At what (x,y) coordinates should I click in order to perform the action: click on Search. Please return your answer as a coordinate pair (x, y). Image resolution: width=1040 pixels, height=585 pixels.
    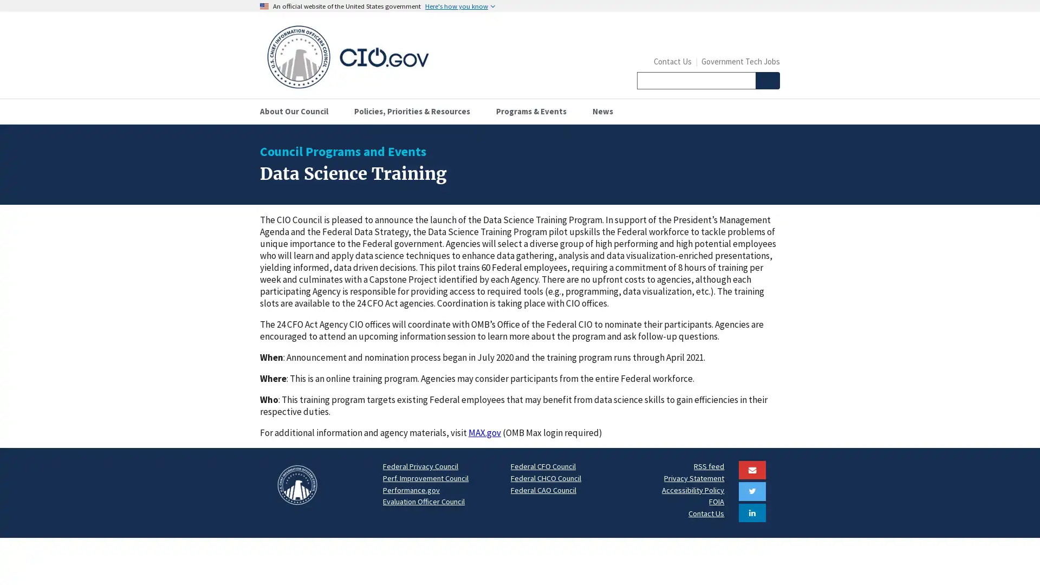
    Looking at the image, I should click on (766, 80).